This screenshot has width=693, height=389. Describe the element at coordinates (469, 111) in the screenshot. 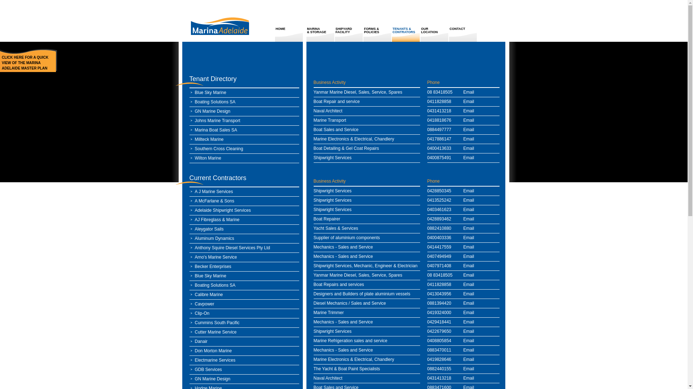

I see `'Email'` at that location.